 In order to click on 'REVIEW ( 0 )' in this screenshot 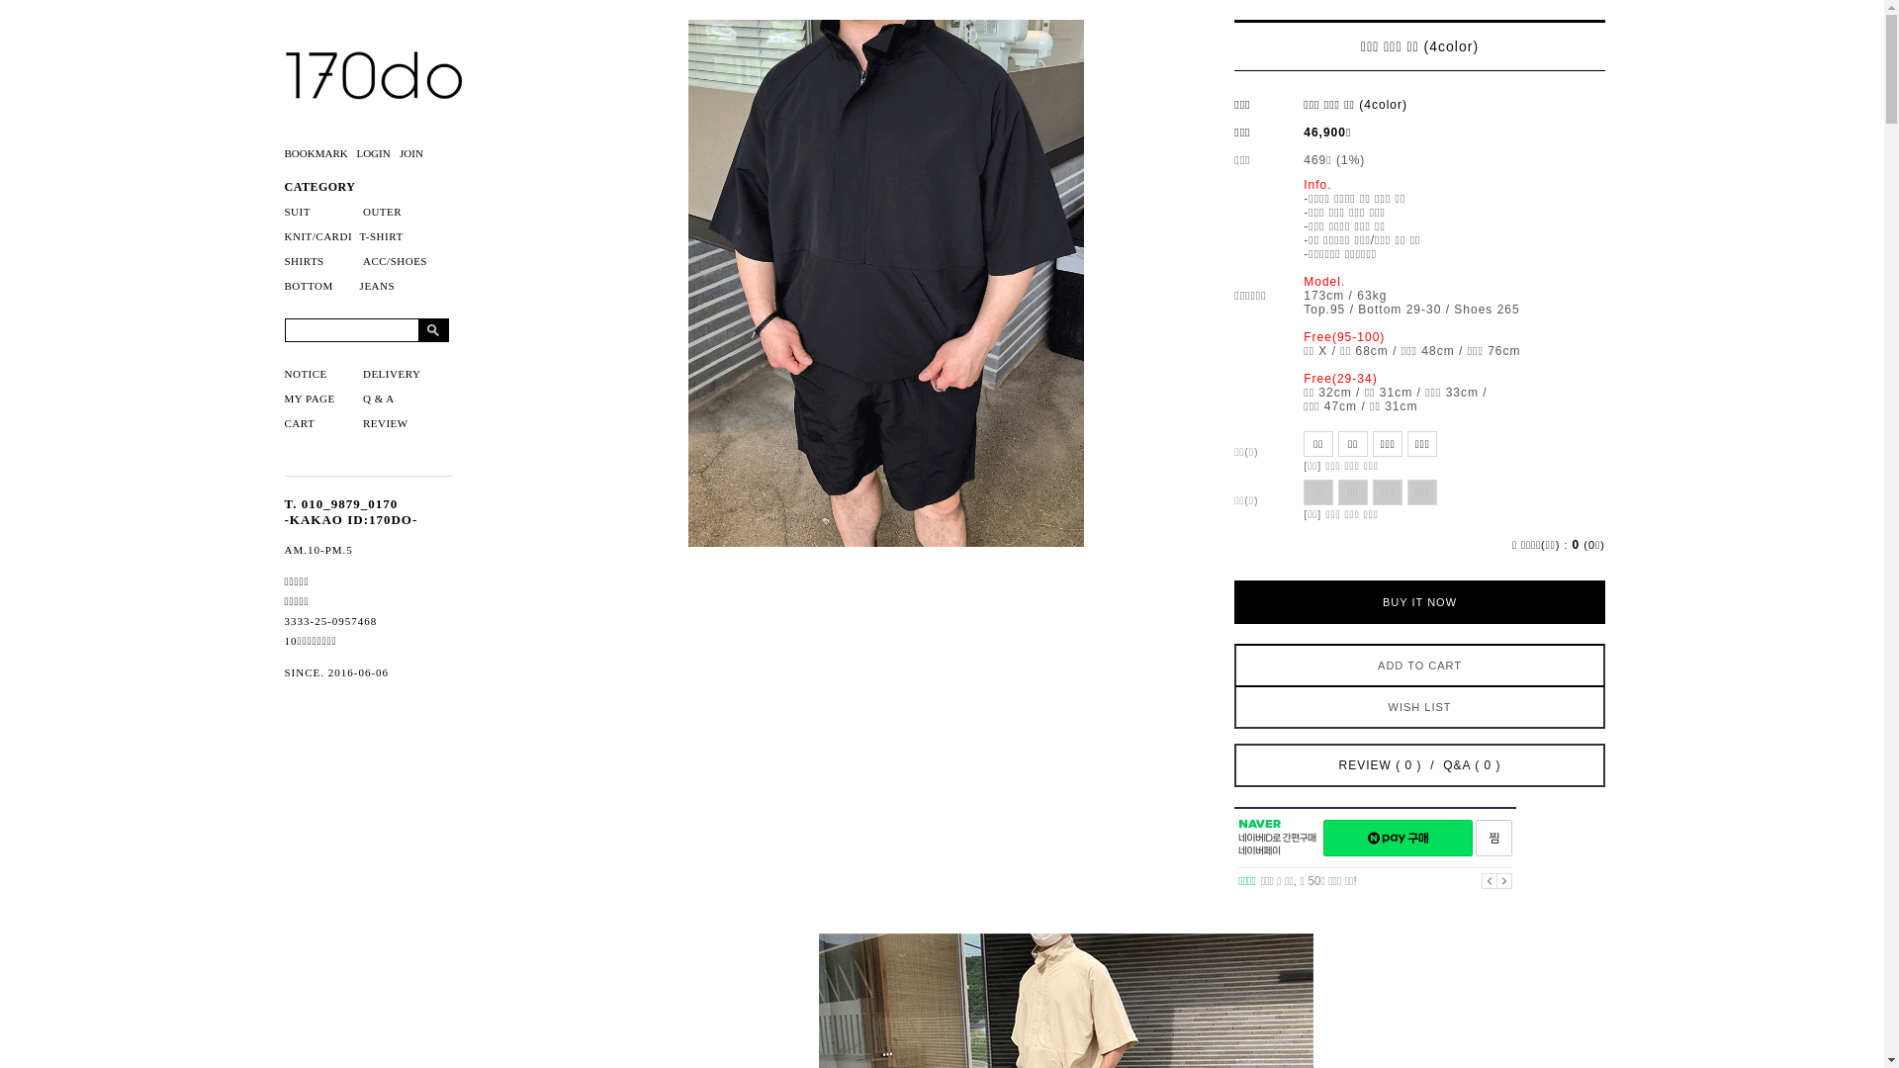, I will do `click(1380, 764)`.